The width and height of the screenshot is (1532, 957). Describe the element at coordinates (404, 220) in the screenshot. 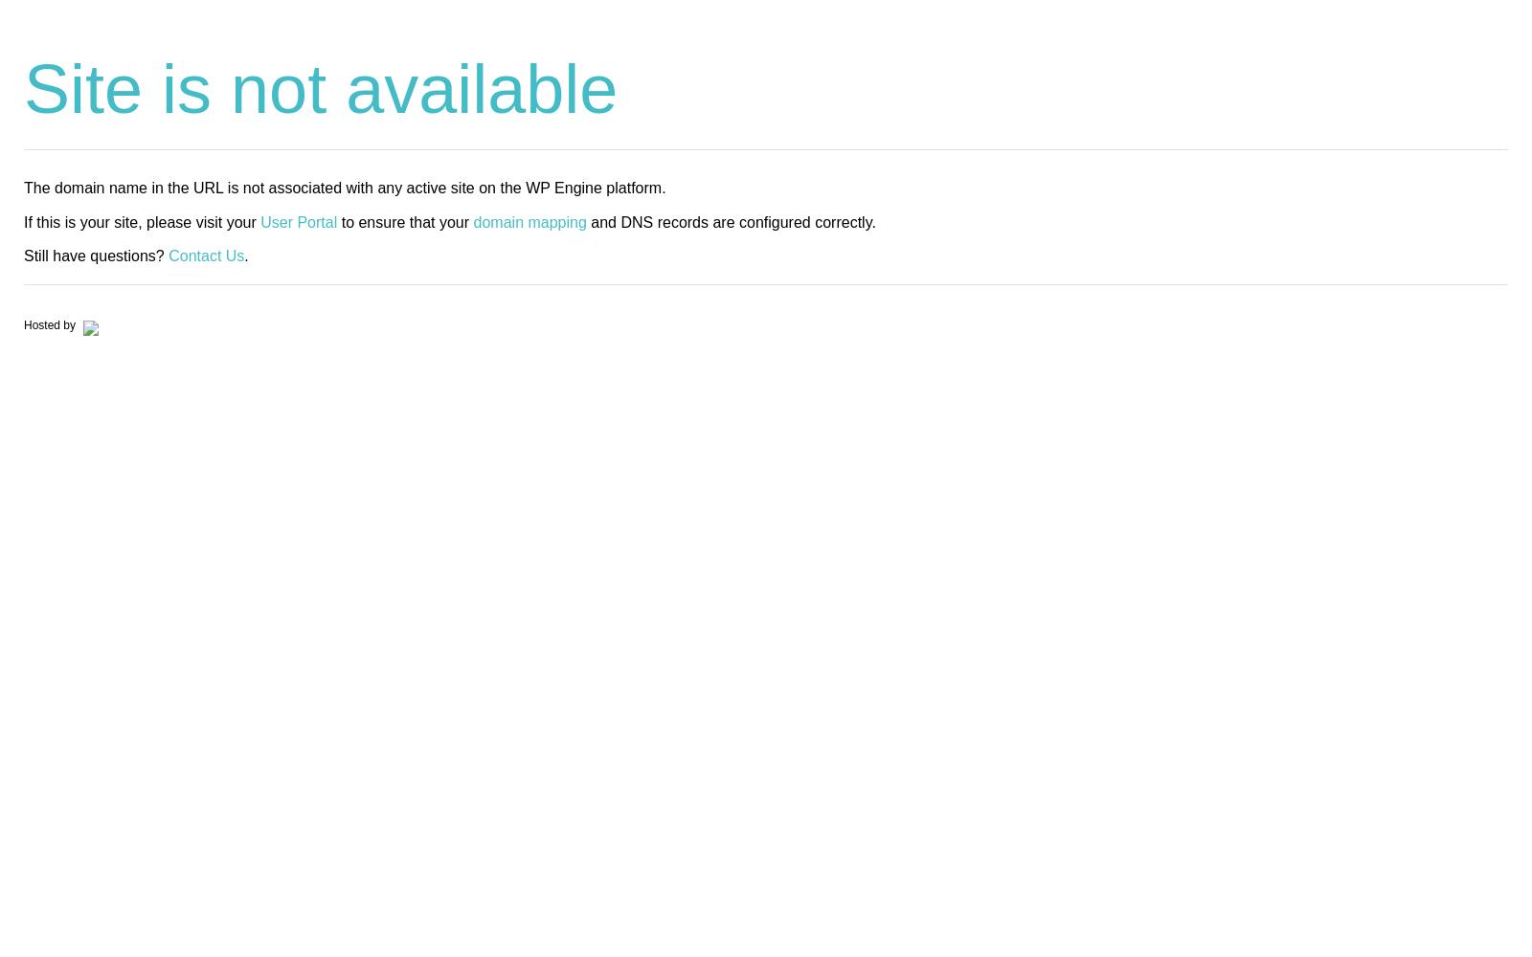

I see `'to ensure that your'` at that location.